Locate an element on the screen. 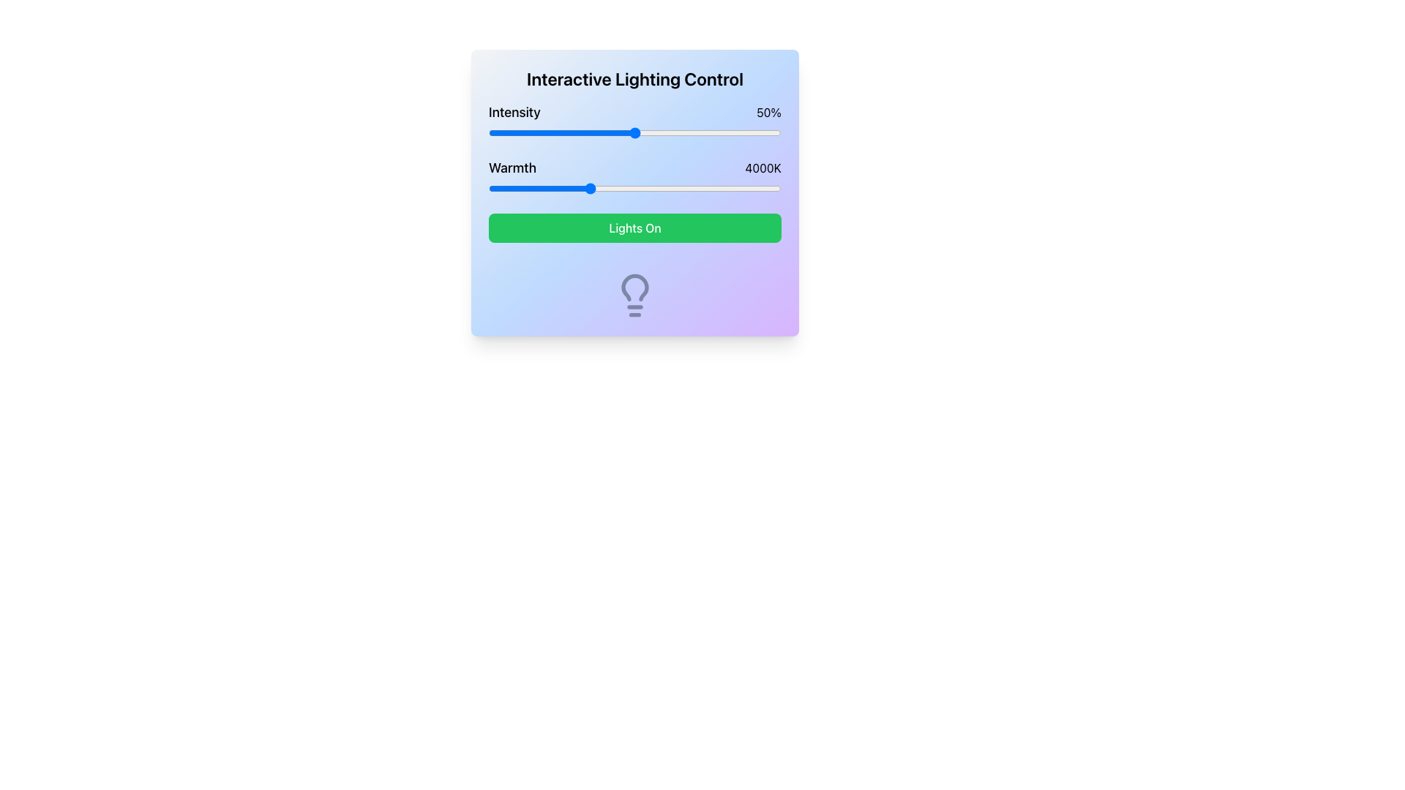  warmth is located at coordinates (730, 188).